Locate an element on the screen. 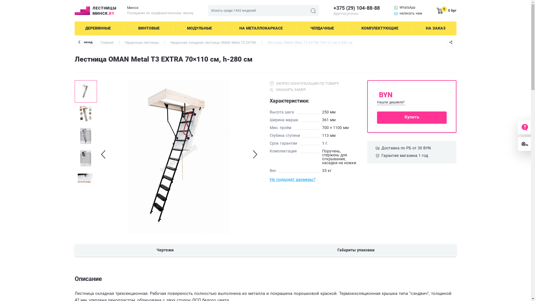  '0 is located at coordinates (436, 11).